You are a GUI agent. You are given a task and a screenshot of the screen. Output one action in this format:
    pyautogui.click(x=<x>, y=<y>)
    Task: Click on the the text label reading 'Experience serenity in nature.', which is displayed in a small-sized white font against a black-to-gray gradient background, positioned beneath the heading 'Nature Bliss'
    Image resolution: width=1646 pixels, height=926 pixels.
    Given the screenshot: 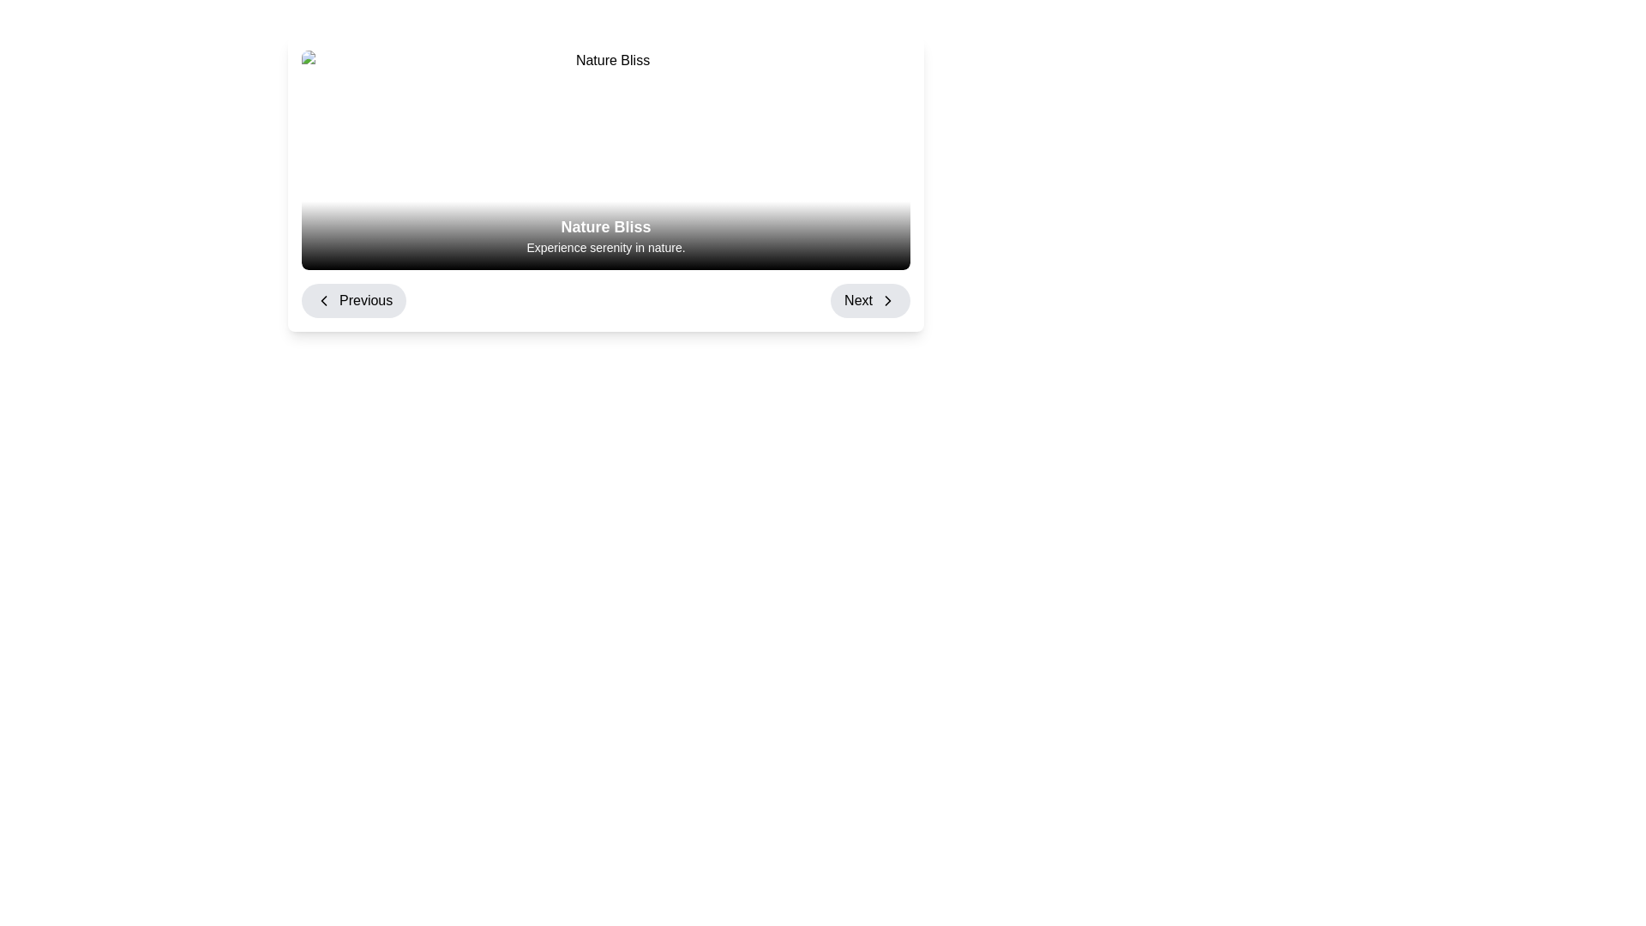 What is the action you would take?
    pyautogui.click(x=605, y=248)
    